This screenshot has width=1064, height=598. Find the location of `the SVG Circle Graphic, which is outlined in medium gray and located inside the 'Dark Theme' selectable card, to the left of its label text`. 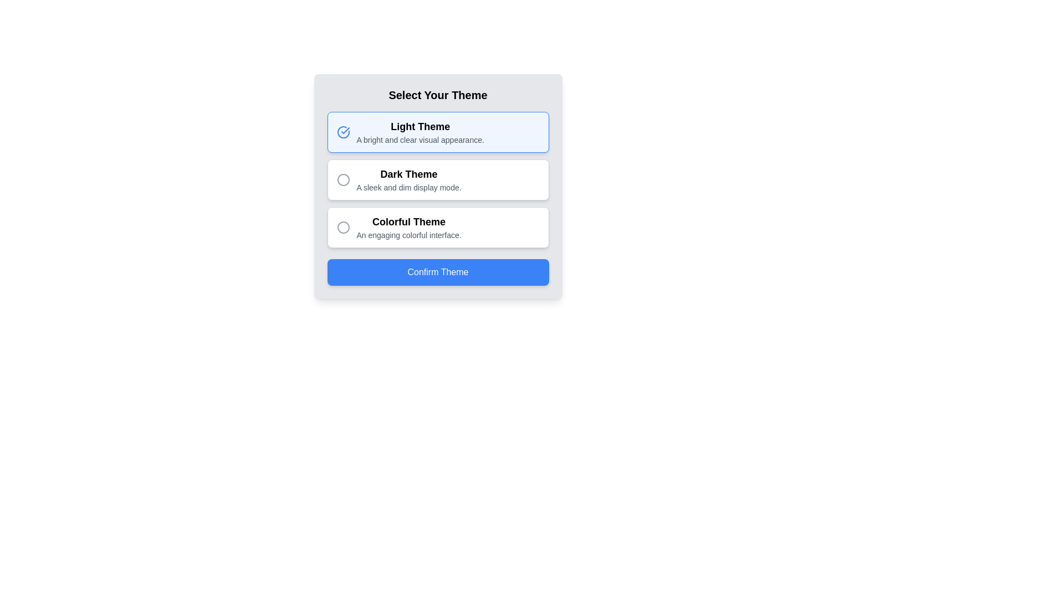

the SVG Circle Graphic, which is outlined in medium gray and located inside the 'Dark Theme' selectable card, to the left of its label text is located at coordinates (342, 179).